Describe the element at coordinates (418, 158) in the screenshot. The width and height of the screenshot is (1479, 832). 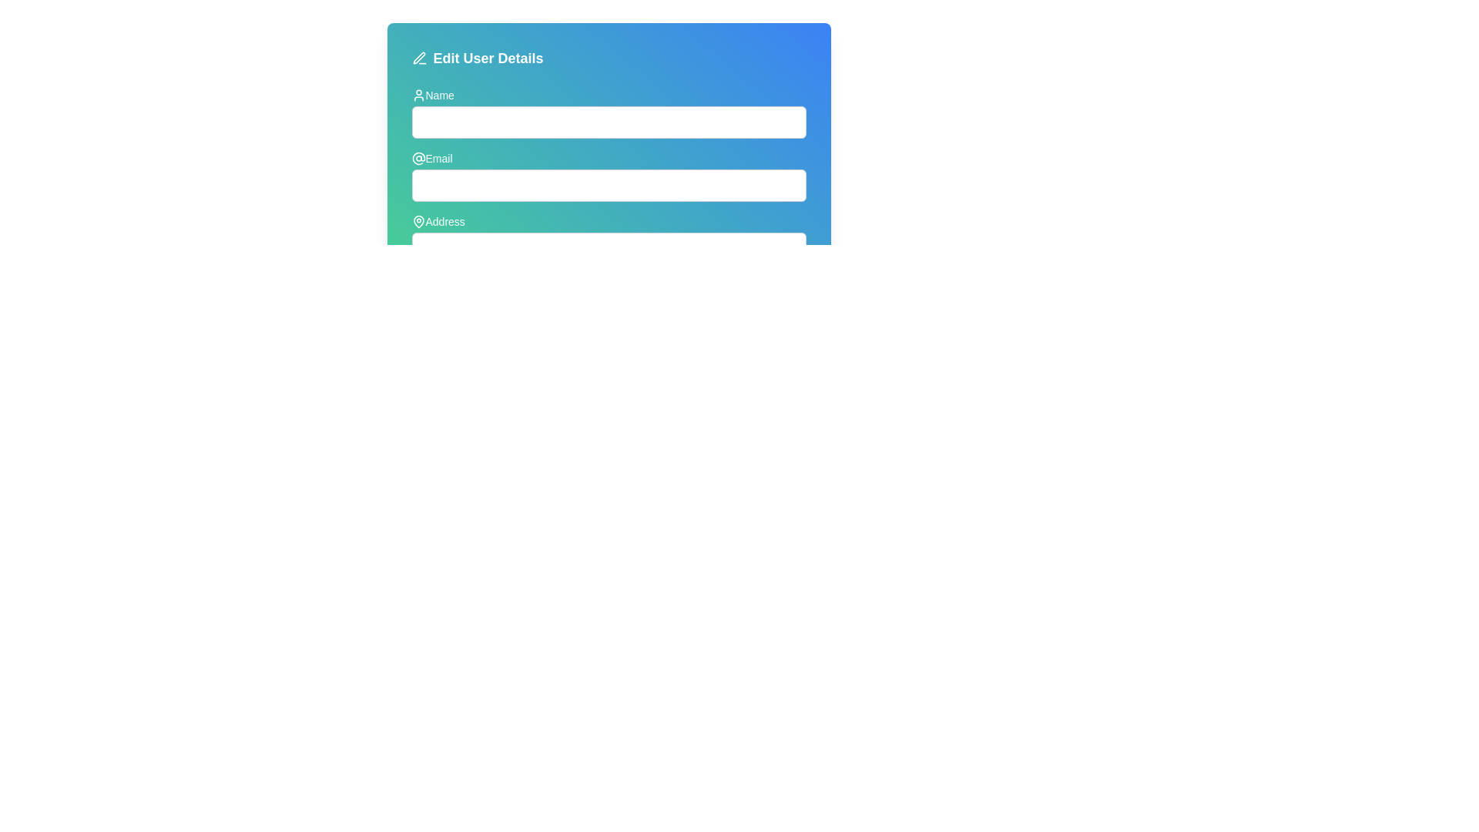
I see `the icon located to the immediate left of the 'Email' text, which serves as a visual cue for the email input field` at that location.